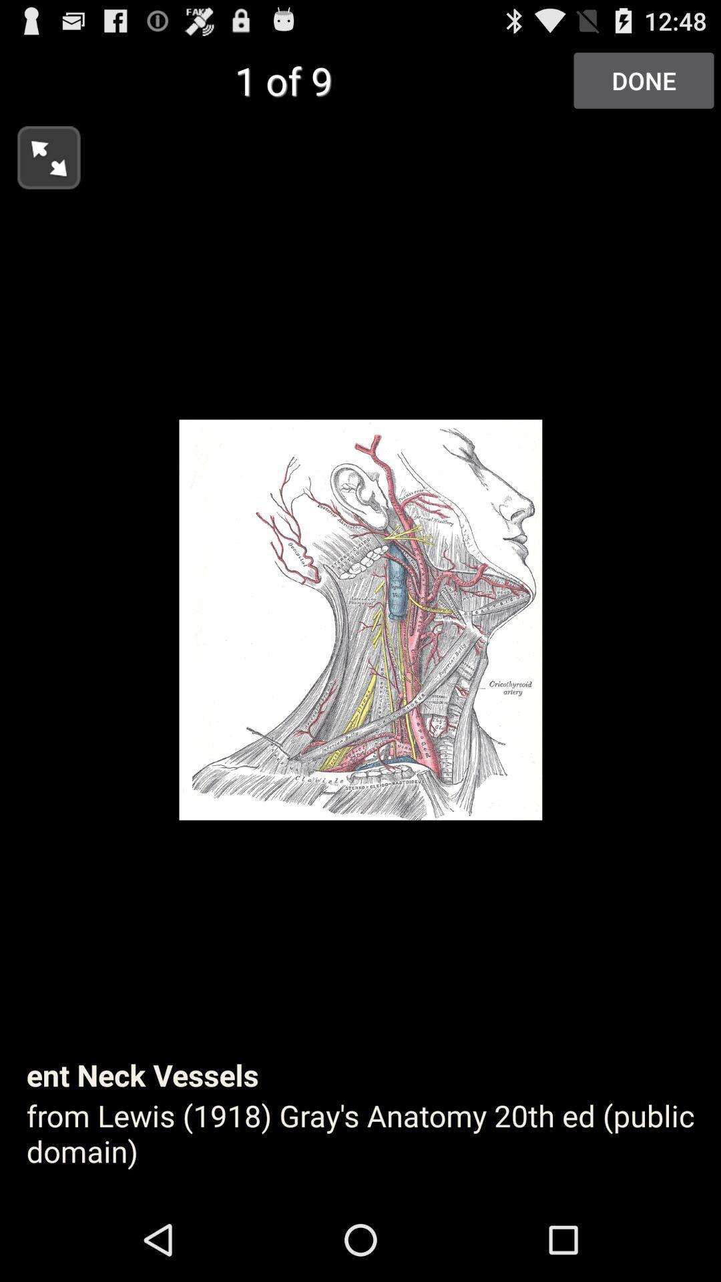  What do you see at coordinates (643, 79) in the screenshot?
I see `the done` at bounding box center [643, 79].